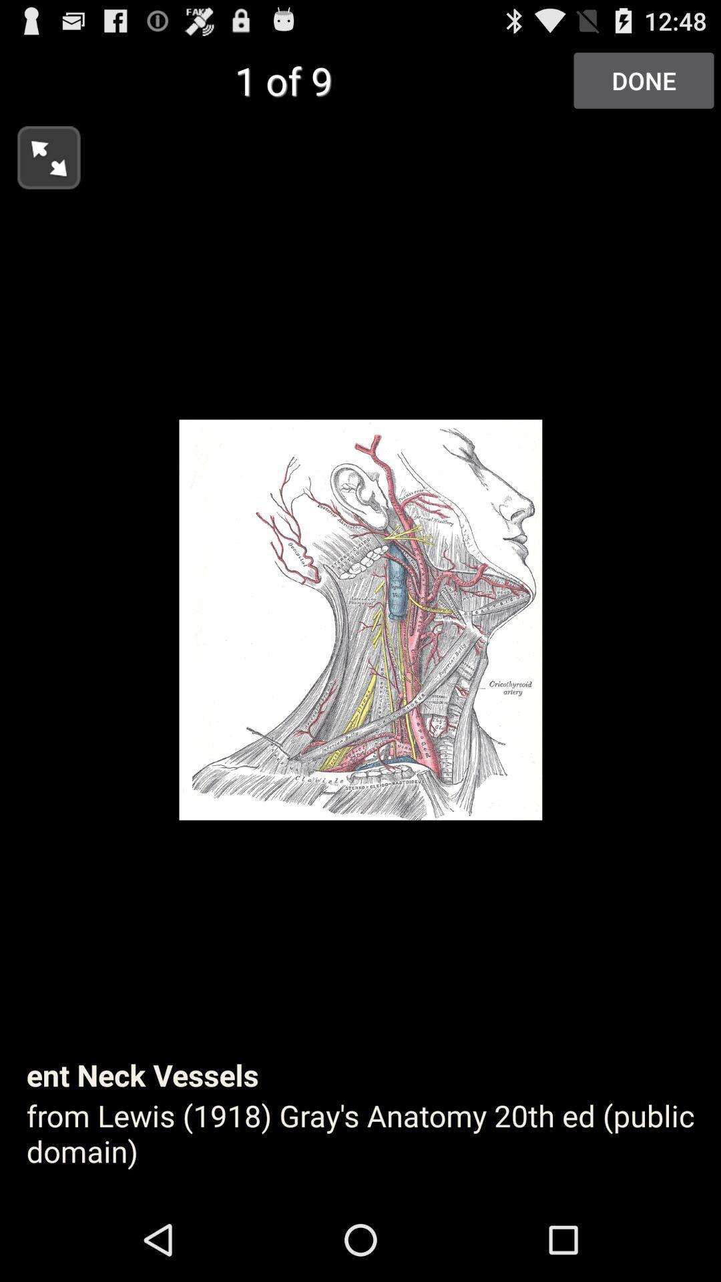  What do you see at coordinates (643, 79) in the screenshot?
I see `the done` at bounding box center [643, 79].